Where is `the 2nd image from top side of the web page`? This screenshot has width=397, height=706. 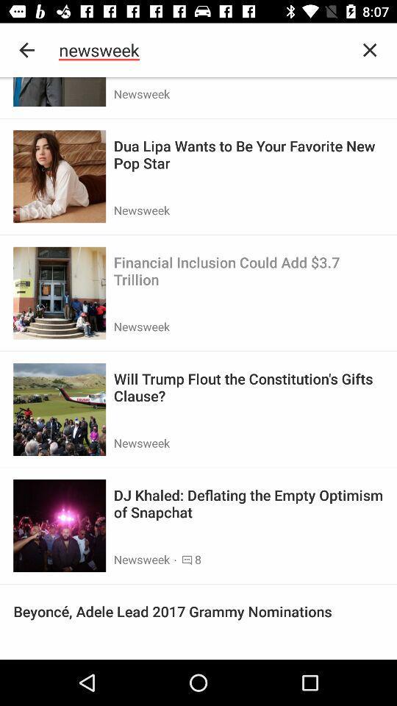
the 2nd image from top side of the web page is located at coordinates (59, 176).